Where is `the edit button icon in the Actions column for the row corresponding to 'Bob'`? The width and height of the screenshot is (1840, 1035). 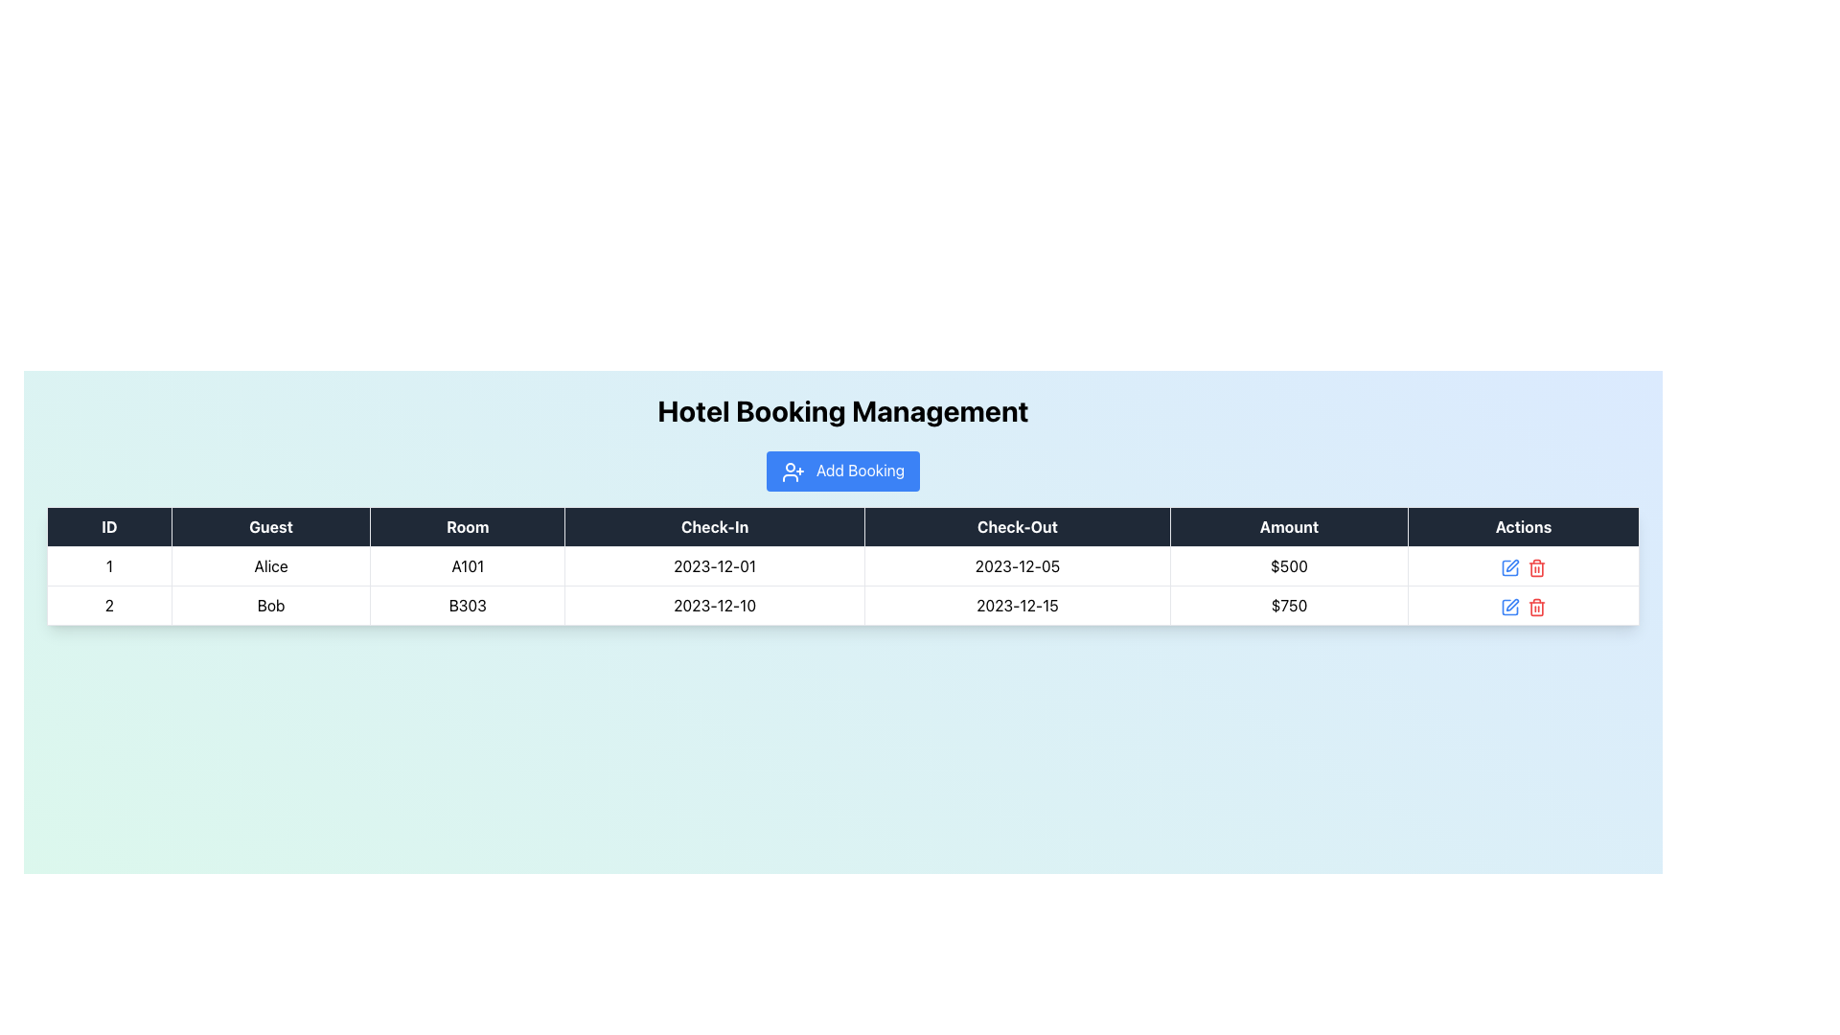 the edit button icon in the Actions column for the row corresponding to 'Bob' is located at coordinates (1508, 607).